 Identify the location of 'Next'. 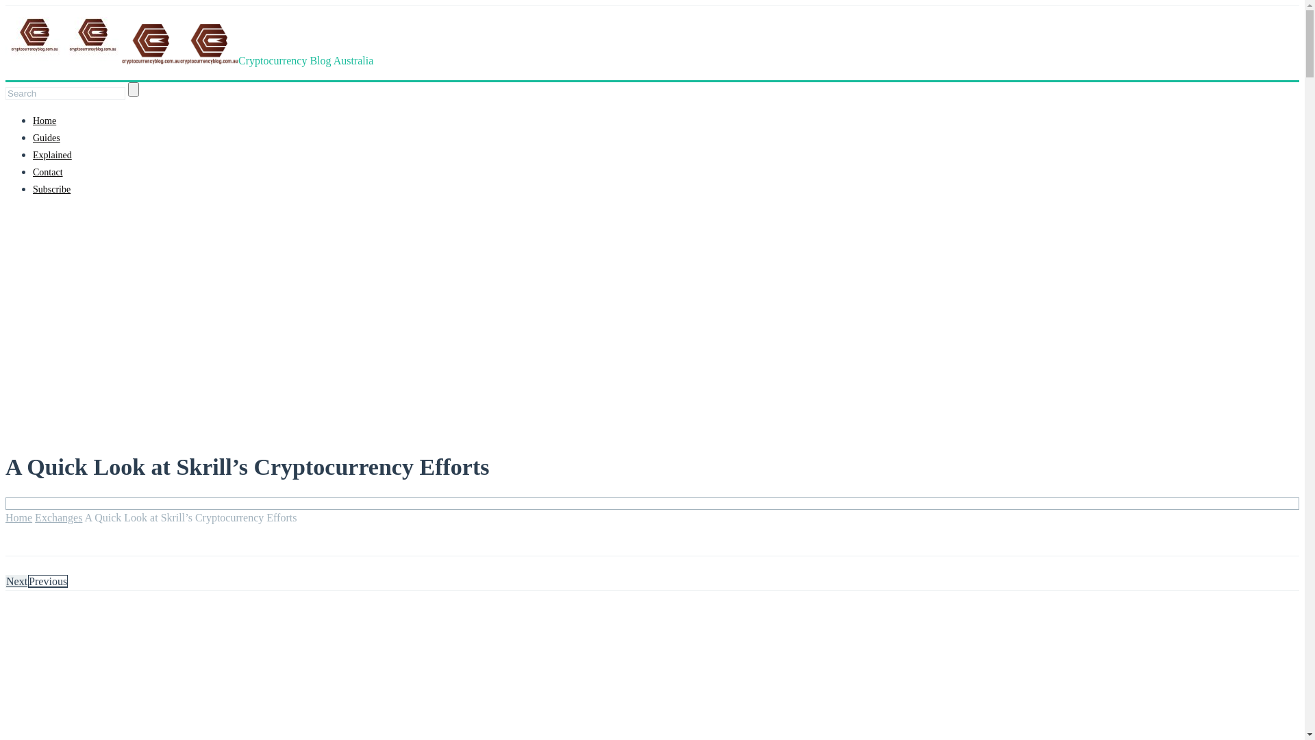
(5, 581).